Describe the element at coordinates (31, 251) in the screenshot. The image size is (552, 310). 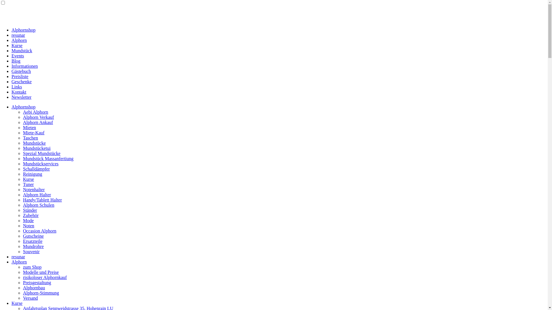
I see `'Souvenir'` at that location.